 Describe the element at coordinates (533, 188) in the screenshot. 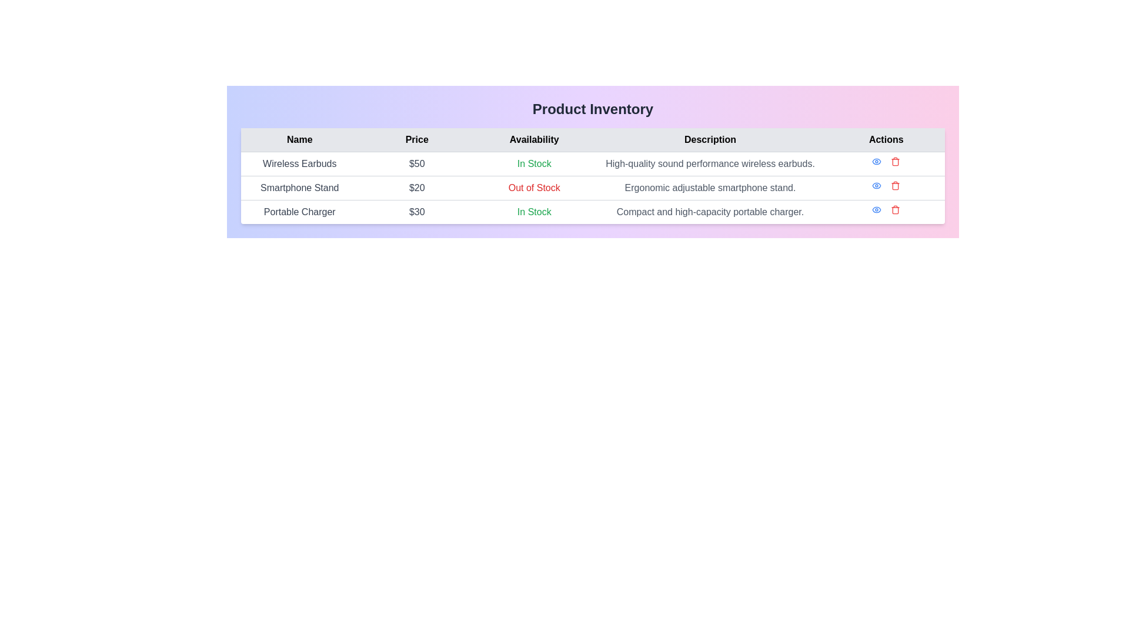

I see `the 'Out of Stock' text label in red, indicating unavailability of the Smartphone Stand in the product inventory table` at that location.